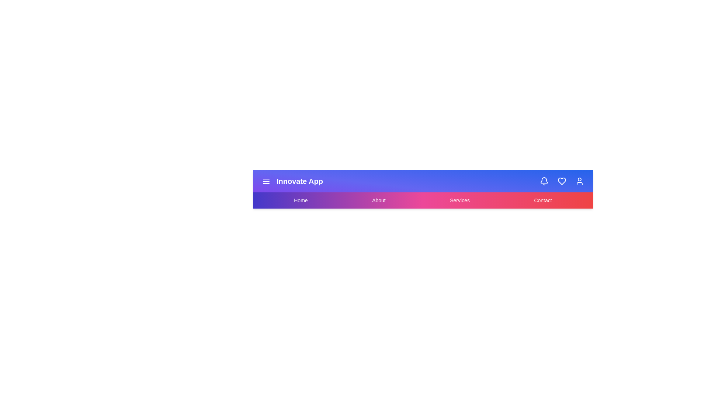  I want to click on the interactive element Home Link, so click(301, 200).